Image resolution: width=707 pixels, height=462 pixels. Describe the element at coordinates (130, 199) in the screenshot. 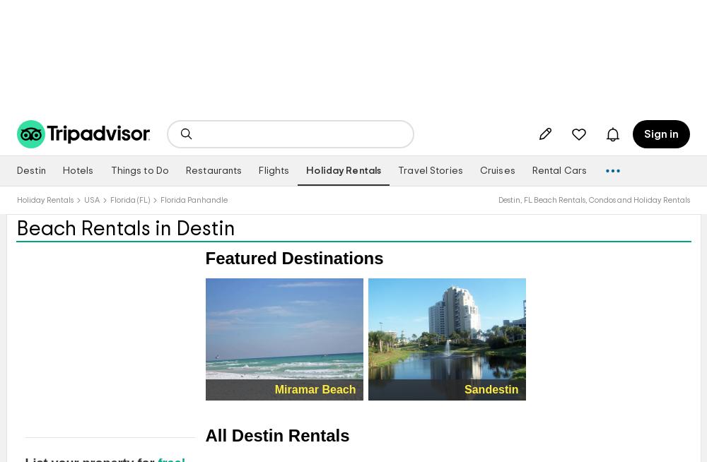

I see `'Florida (FL)'` at that location.